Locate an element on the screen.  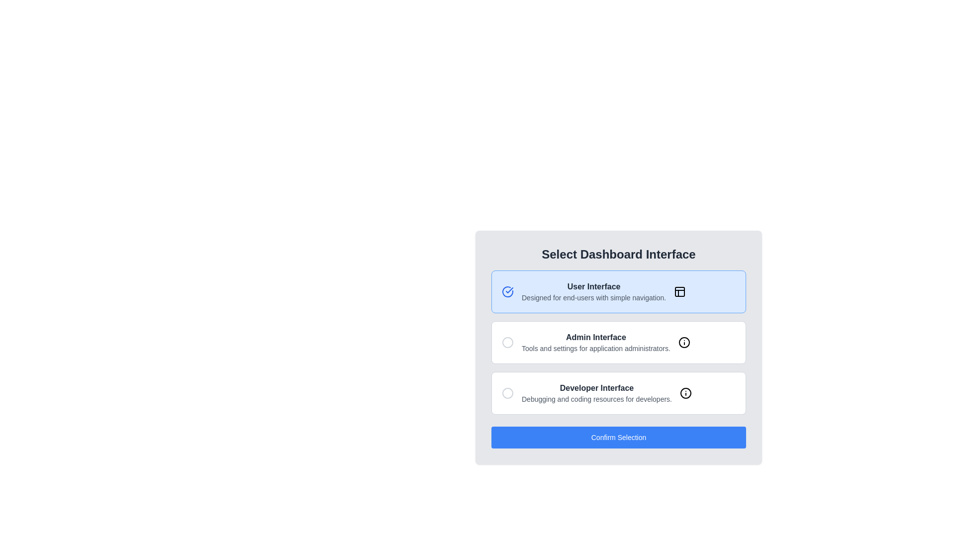
the 'User Interface' selection button, which is the first card in a vertical list of options is located at coordinates (618, 291).